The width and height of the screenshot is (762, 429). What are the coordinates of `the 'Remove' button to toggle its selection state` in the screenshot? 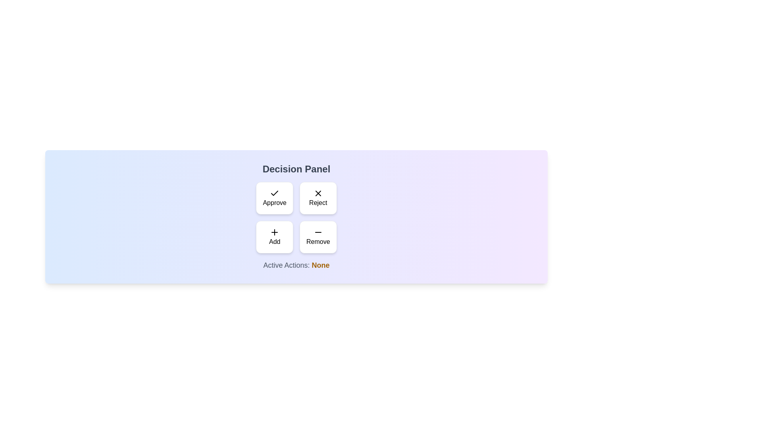 It's located at (318, 237).